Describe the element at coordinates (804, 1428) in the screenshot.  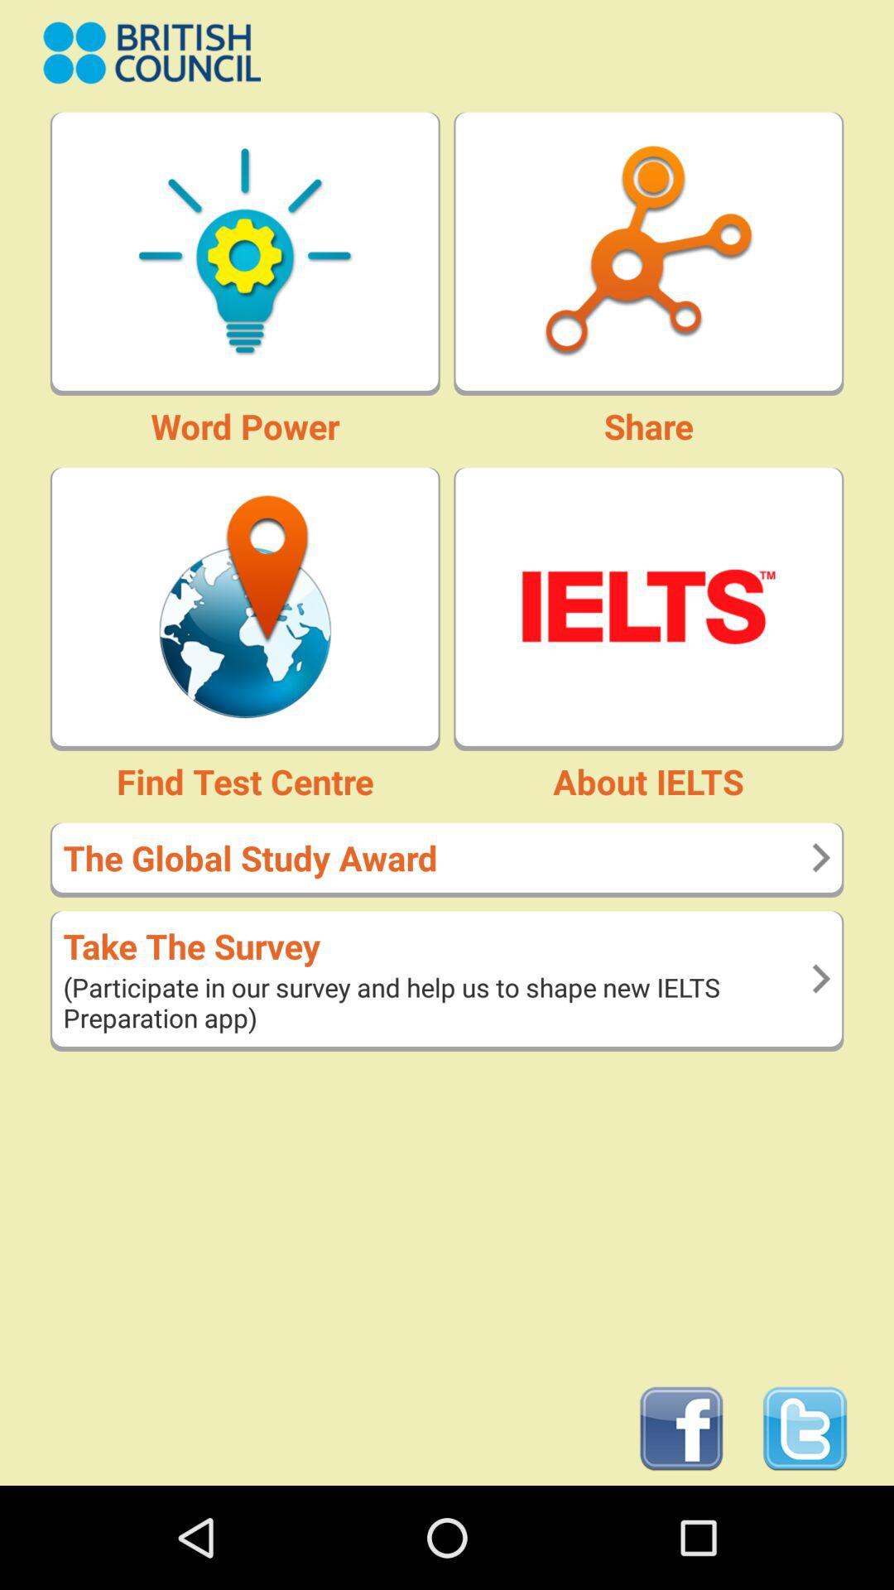
I see `twitter` at that location.